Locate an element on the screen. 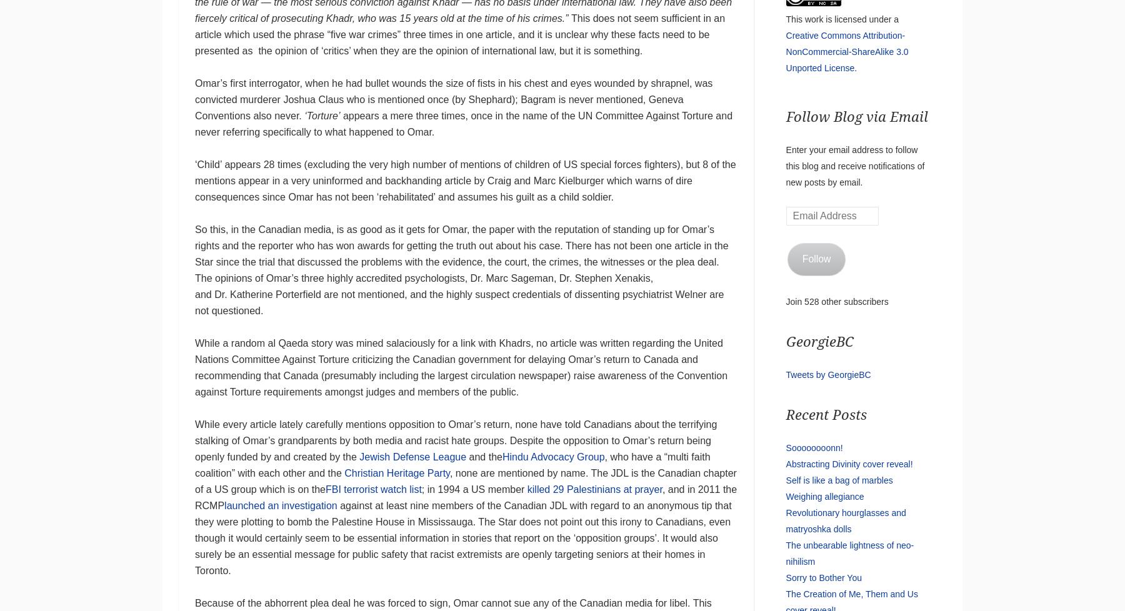 The width and height of the screenshot is (1125, 611). 'Tweets by GeorgieBC' is located at coordinates (827, 375).